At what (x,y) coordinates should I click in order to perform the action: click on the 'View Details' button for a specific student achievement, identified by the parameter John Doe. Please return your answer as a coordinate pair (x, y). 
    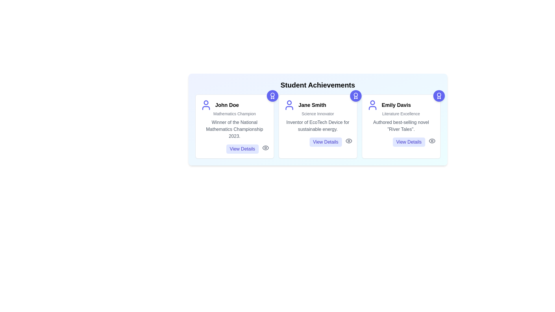
    Looking at the image, I should click on (242, 149).